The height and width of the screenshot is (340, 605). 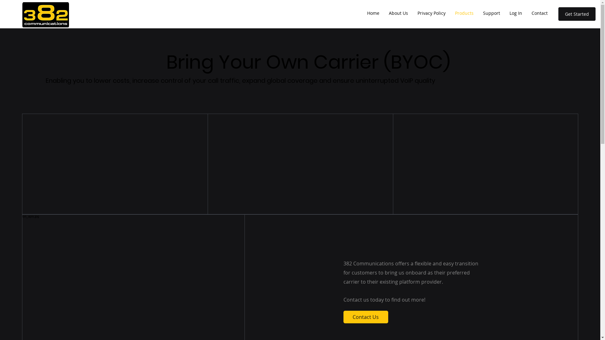 I want to click on 'Contact', so click(x=539, y=13).